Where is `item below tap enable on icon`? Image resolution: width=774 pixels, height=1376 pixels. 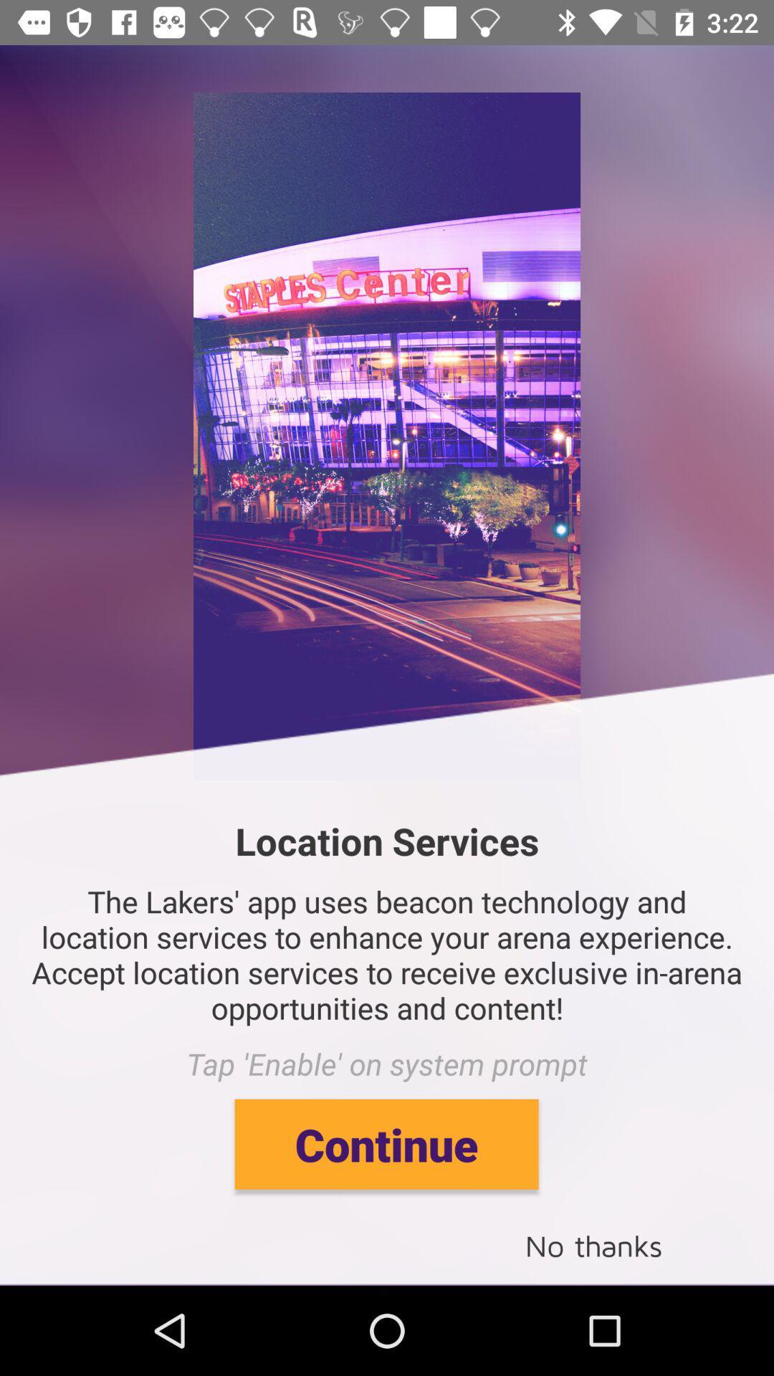
item below tap enable on icon is located at coordinates (386, 1143).